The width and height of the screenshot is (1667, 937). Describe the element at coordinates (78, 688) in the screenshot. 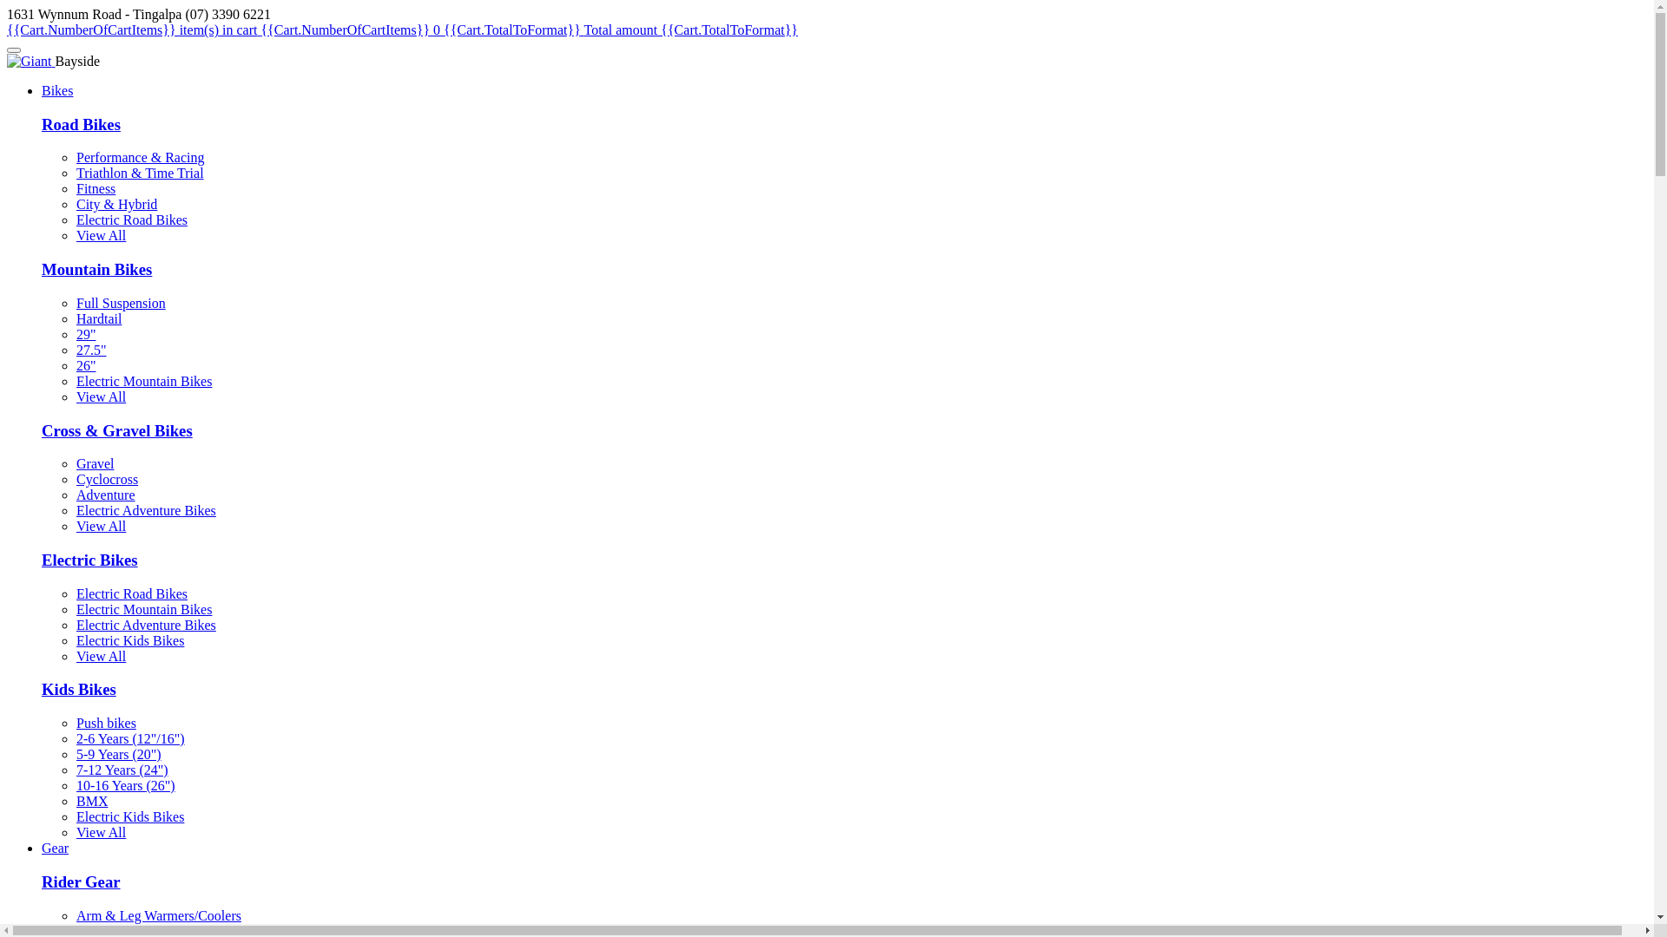

I see `'Kids Bikes'` at that location.